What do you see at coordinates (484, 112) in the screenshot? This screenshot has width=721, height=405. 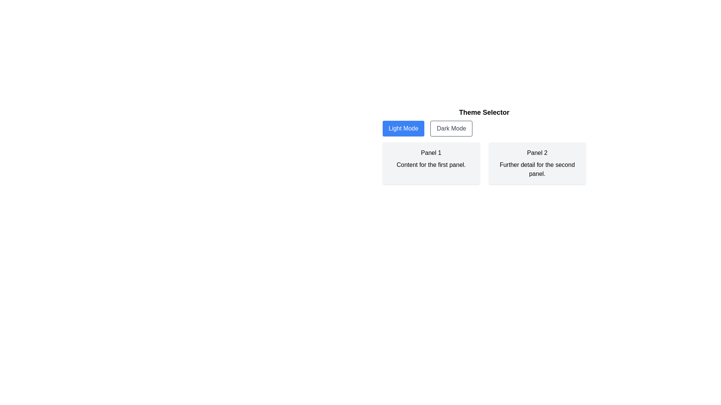 I see `the 'Theme Selector' heading, which is styled in bold and larger font, and is located above the 'Light Mode' and 'Dark Mode' buttons` at bounding box center [484, 112].